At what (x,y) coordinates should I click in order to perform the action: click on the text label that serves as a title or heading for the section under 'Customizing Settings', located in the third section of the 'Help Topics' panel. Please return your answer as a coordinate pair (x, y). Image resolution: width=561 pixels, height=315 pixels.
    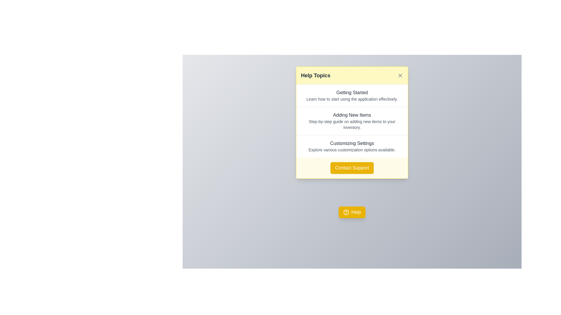
    Looking at the image, I should click on (352, 143).